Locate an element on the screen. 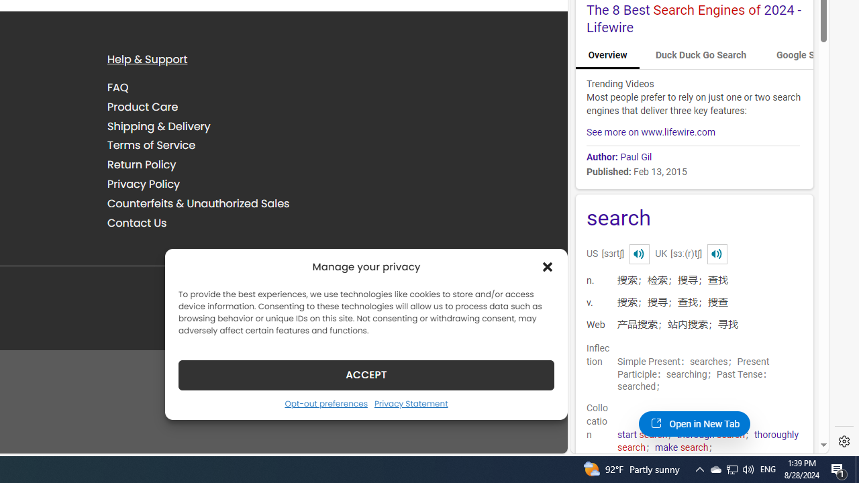 Image resolution: width=859 pixels, height=483 pixels. 'Author: Paul Gil' is located at coordinates (693, 154).